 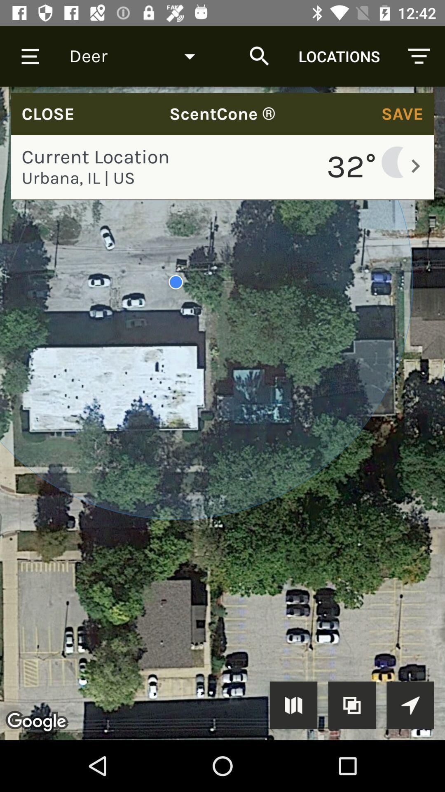 I want to click on to change direction, so click(x=410, y=705).